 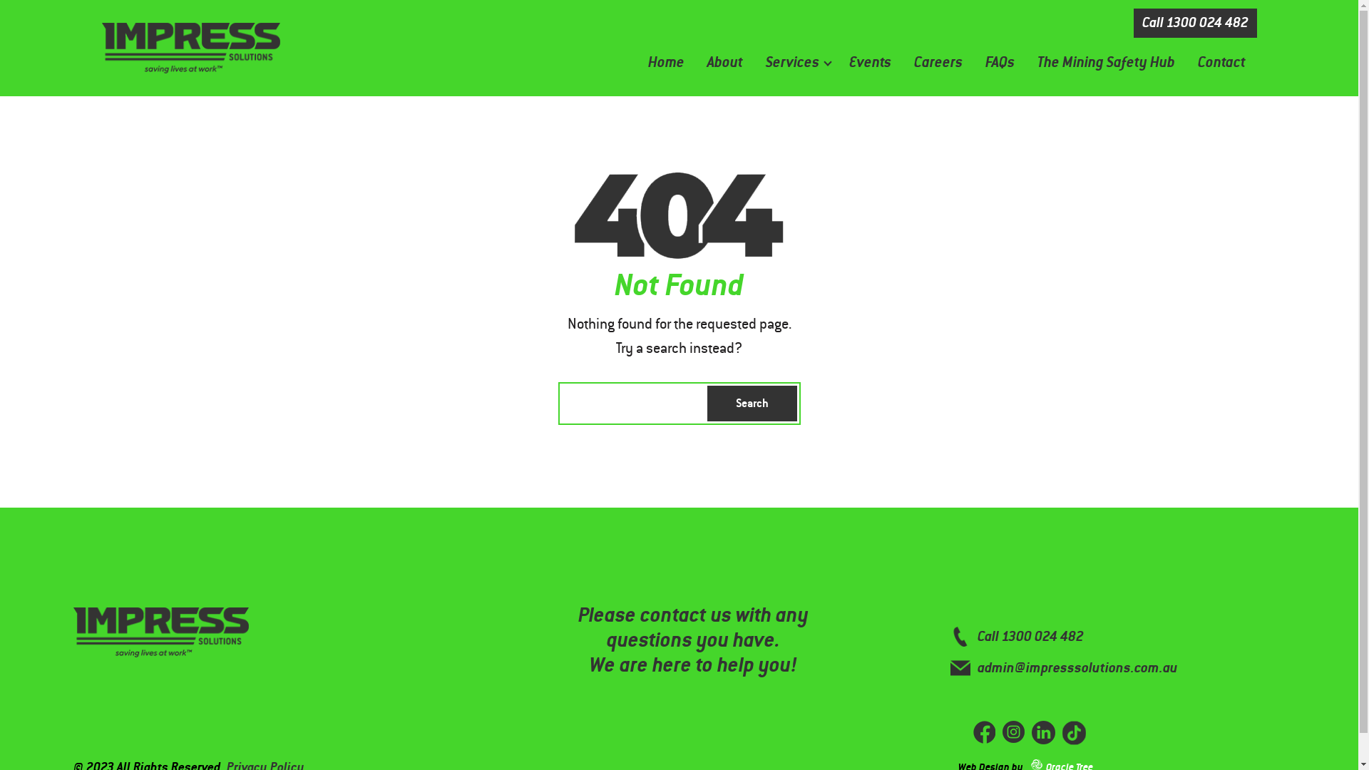 I want to click on 'Home', so click(x=646, y=61).